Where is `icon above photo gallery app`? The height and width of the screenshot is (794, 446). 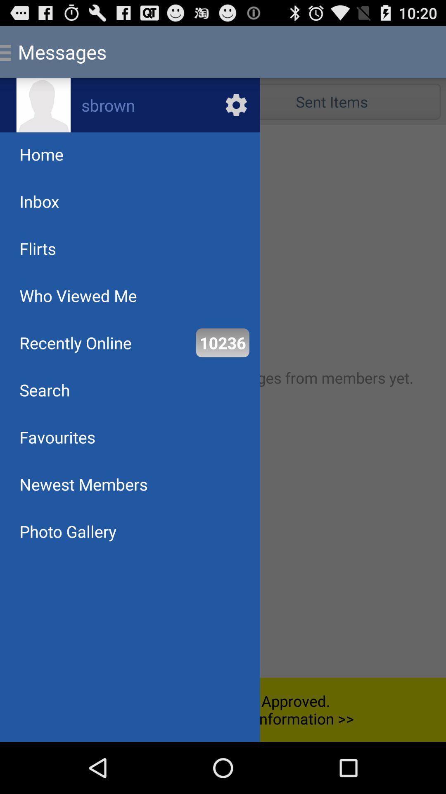
icon above photo gallery app is located at coordinates (83, 484).